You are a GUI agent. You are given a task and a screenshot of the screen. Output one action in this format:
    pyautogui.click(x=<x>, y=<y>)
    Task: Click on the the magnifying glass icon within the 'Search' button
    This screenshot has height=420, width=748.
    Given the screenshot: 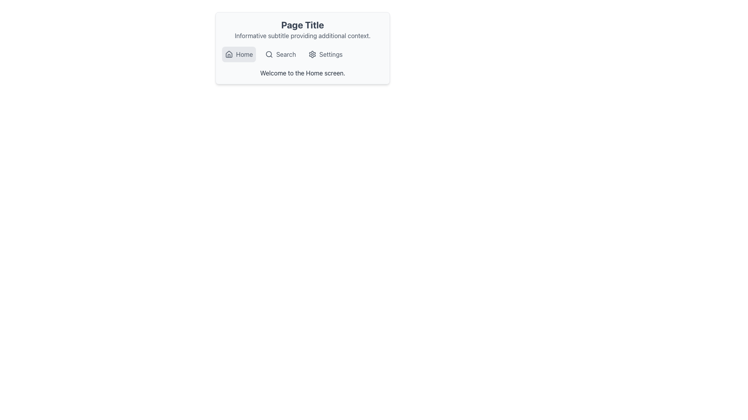 What is the action you would take?
    pyautogui.click(x=269, y=54)
    